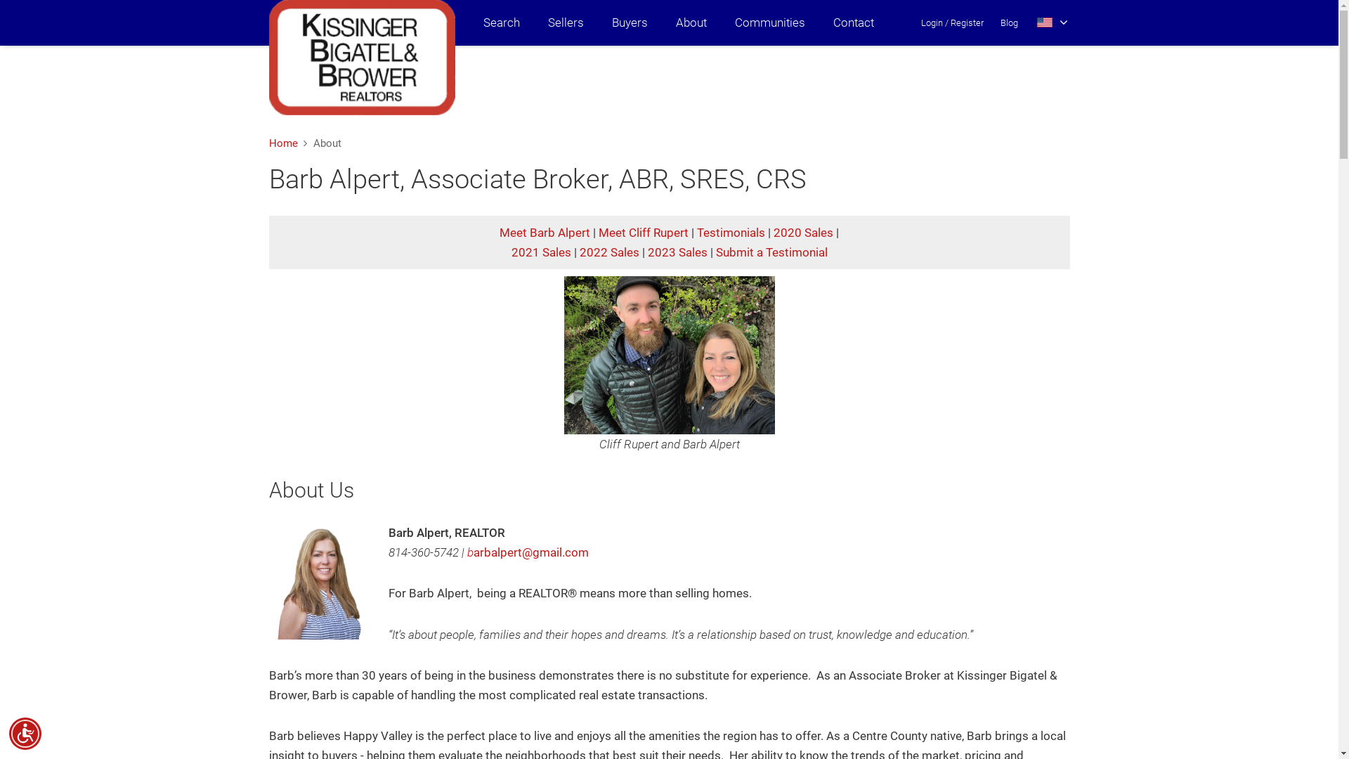 This screenshot has height=759, width=1349. Describe the element at coordinates (646, 251) in the screenshot. I see `'2023 Sales'` at that location.